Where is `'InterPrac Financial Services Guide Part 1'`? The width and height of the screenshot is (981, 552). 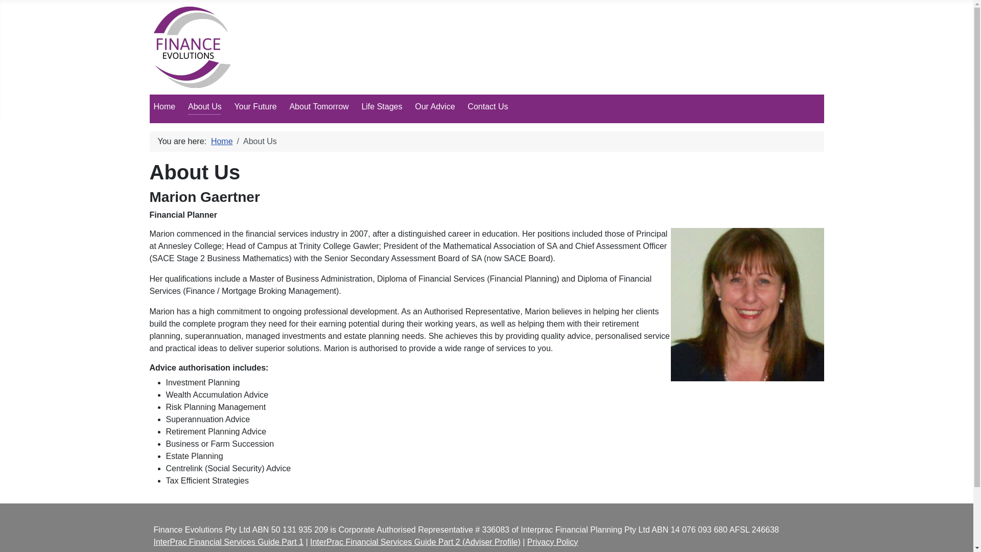
'InterPrac Financial Services Guide Part 1' is located at coordinates (227, 541).